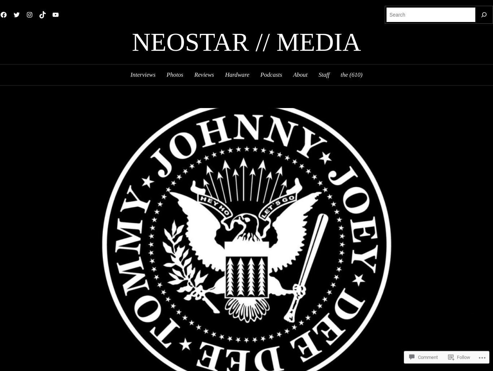 The height and width of the screenshot is (371, 493). Describe the element at coordinates (246, 42) in the screenshot. I see `'neostar // media'` at that location.